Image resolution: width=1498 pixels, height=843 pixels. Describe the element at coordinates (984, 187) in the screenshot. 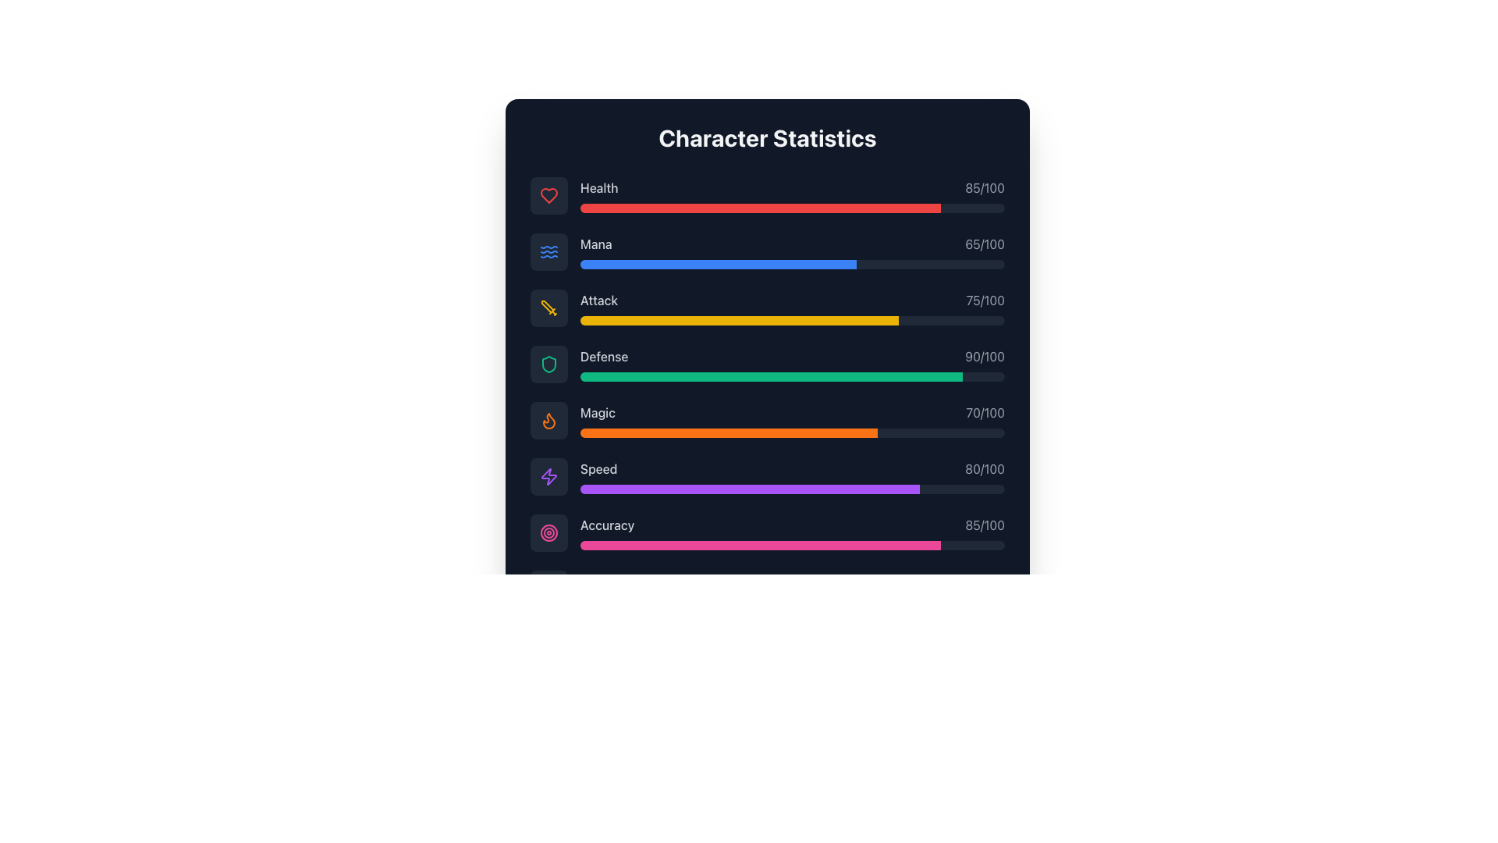

I see `the text label indicating the 'Health' score located at the far-right end of the 'Health' row in the statistics table` at that location.